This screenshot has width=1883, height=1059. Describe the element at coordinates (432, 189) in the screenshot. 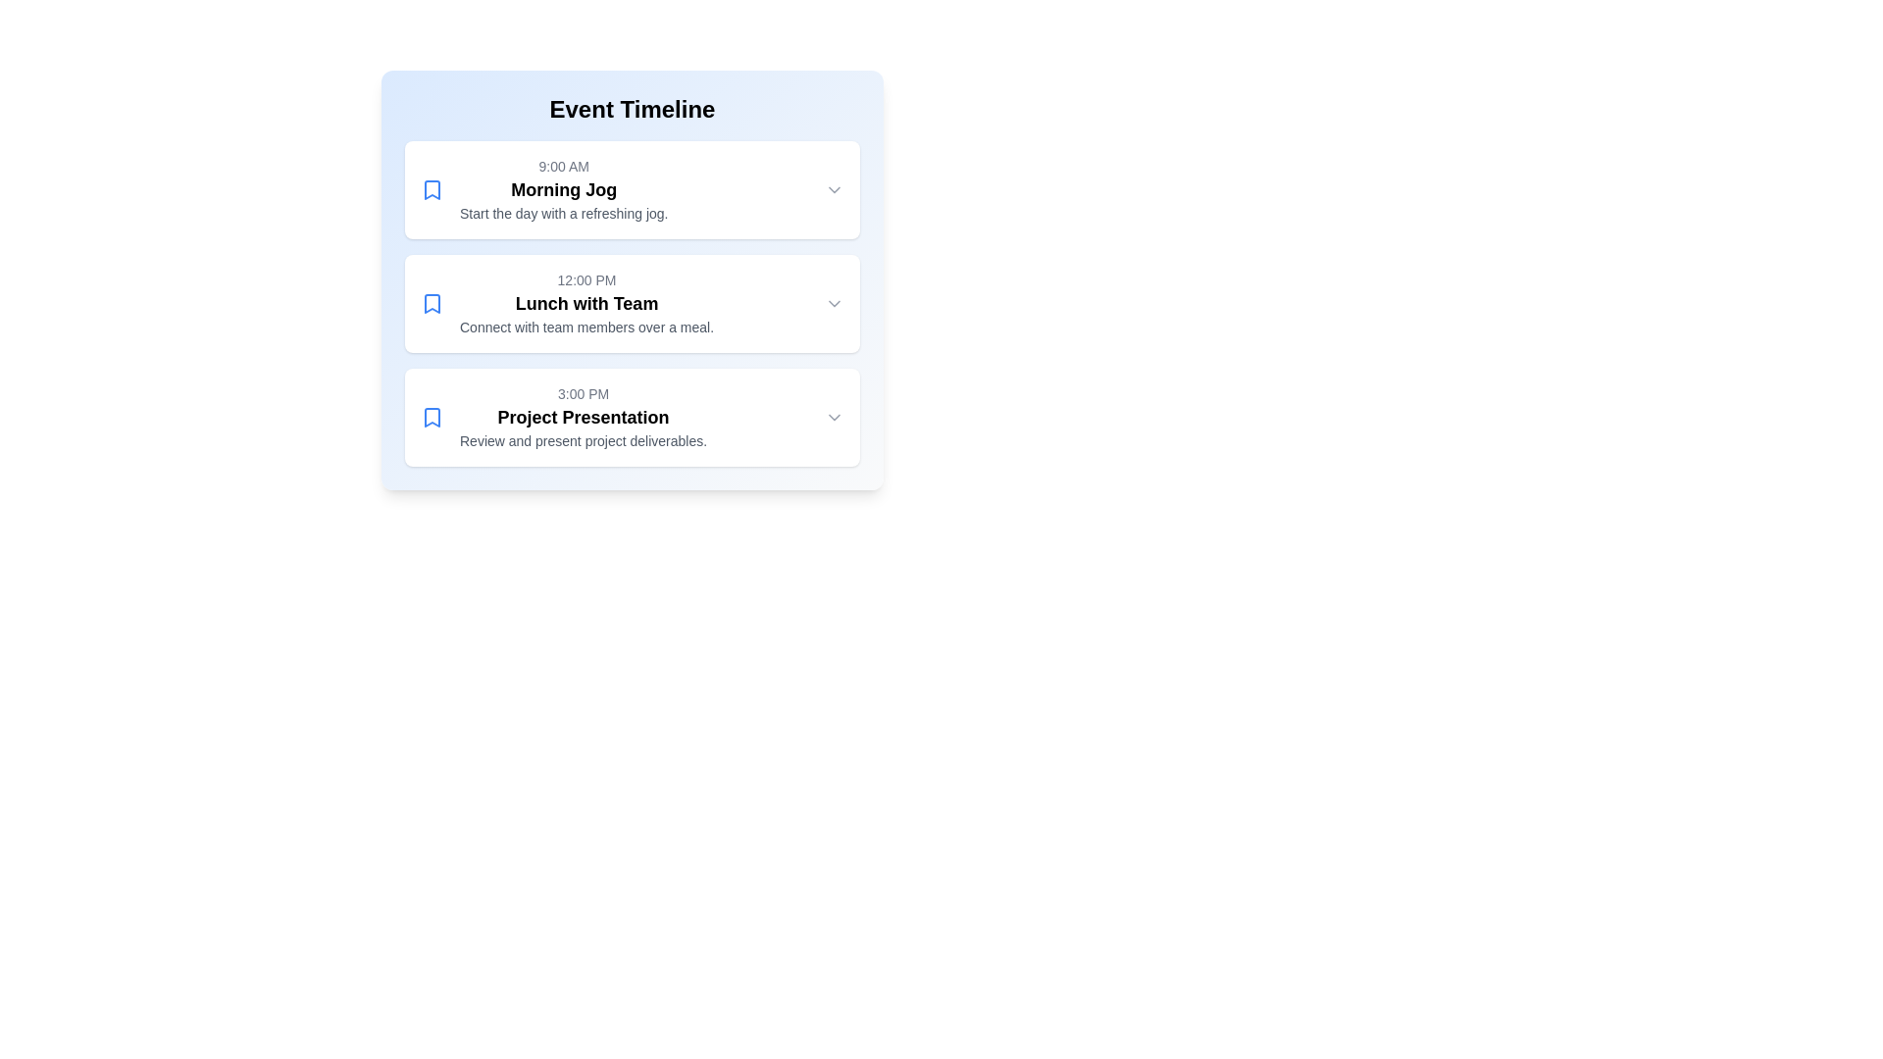

I see `the blue SVG bookmark icon associated with the 'Morning Jog' event scheduled at 9:00 AM, located to the left of the event title` at that location.